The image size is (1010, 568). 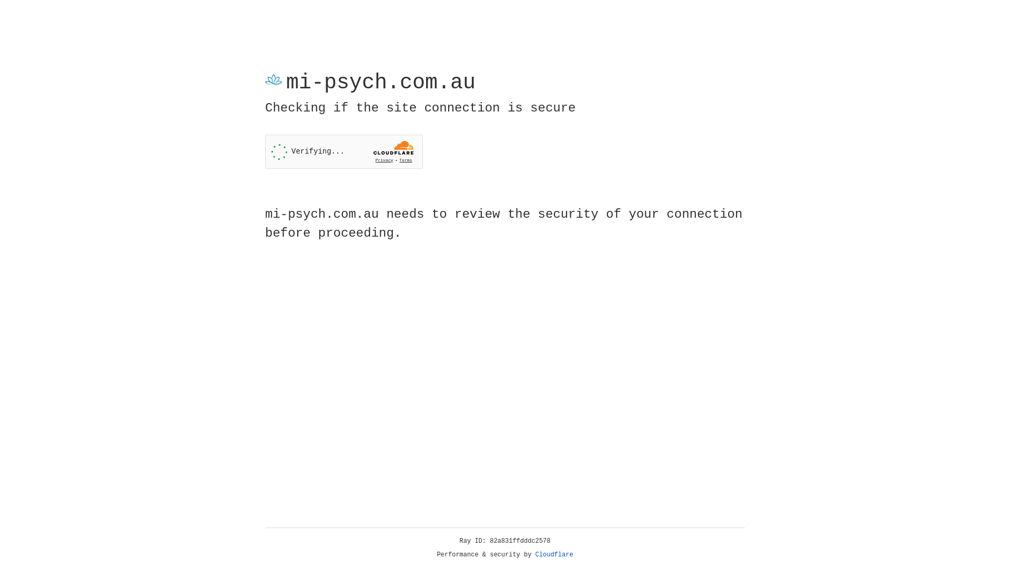 I want to click on 'Cloudflare', so click(x=554, y=554).